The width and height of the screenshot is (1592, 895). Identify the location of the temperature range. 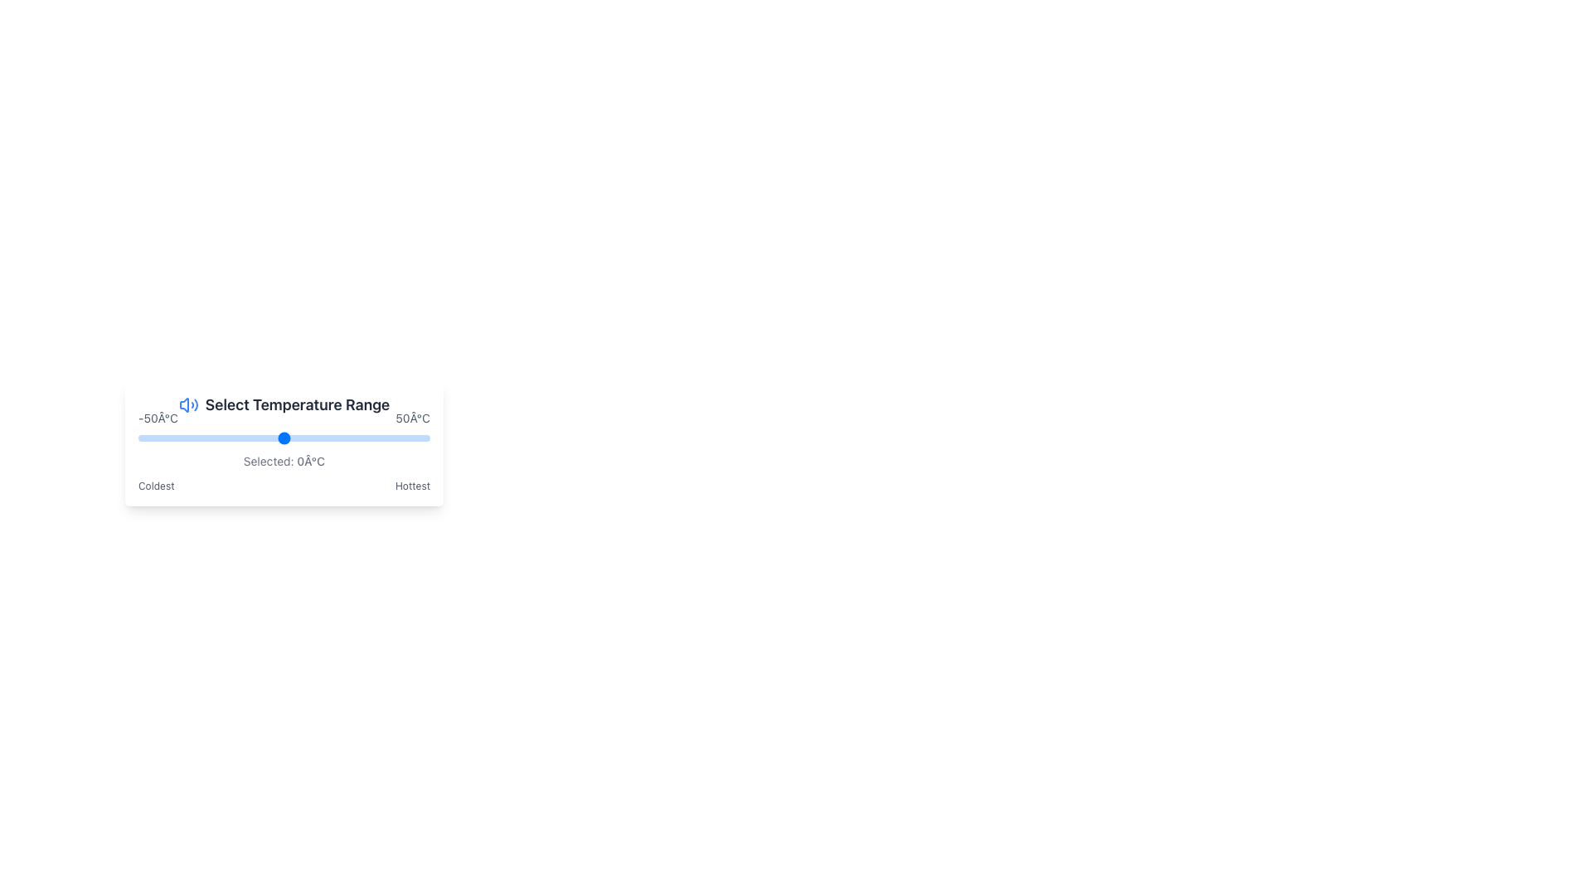
(328, 437).